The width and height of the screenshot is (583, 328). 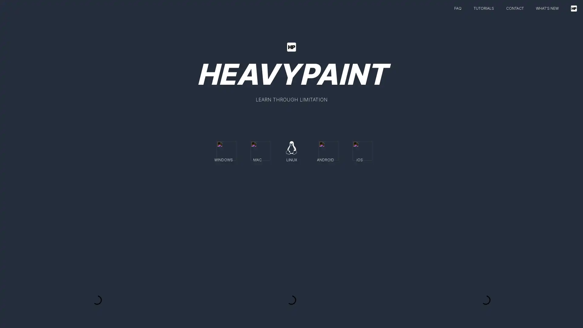 What do you see at coordinates (325, 150) in the screenshot?
I see `ANDROID` at bounding box center [325, 150].